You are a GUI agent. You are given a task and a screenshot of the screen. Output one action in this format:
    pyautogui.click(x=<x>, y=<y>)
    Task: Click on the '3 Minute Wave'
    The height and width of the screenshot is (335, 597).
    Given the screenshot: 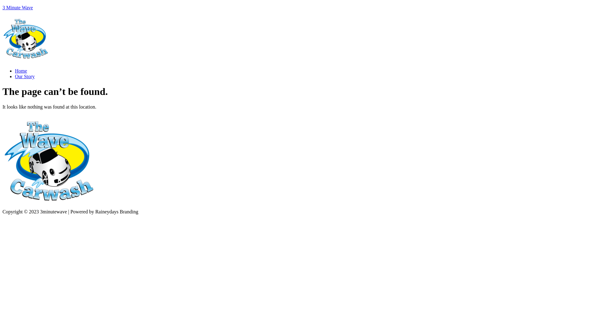 What is the action you would take?
    pyautogui.click(x=18, y=7)
    